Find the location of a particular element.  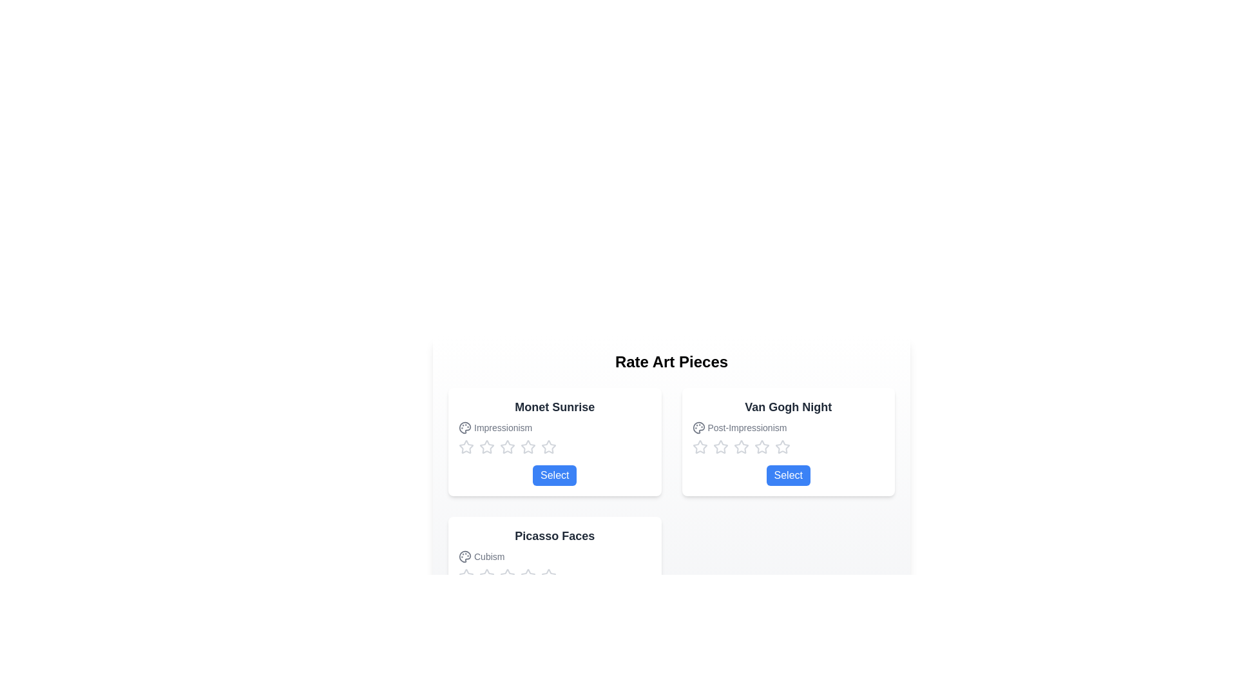

the star rating in the 'Monet Sunrise' card to rate the artwork is located at coordinates (555, 441).